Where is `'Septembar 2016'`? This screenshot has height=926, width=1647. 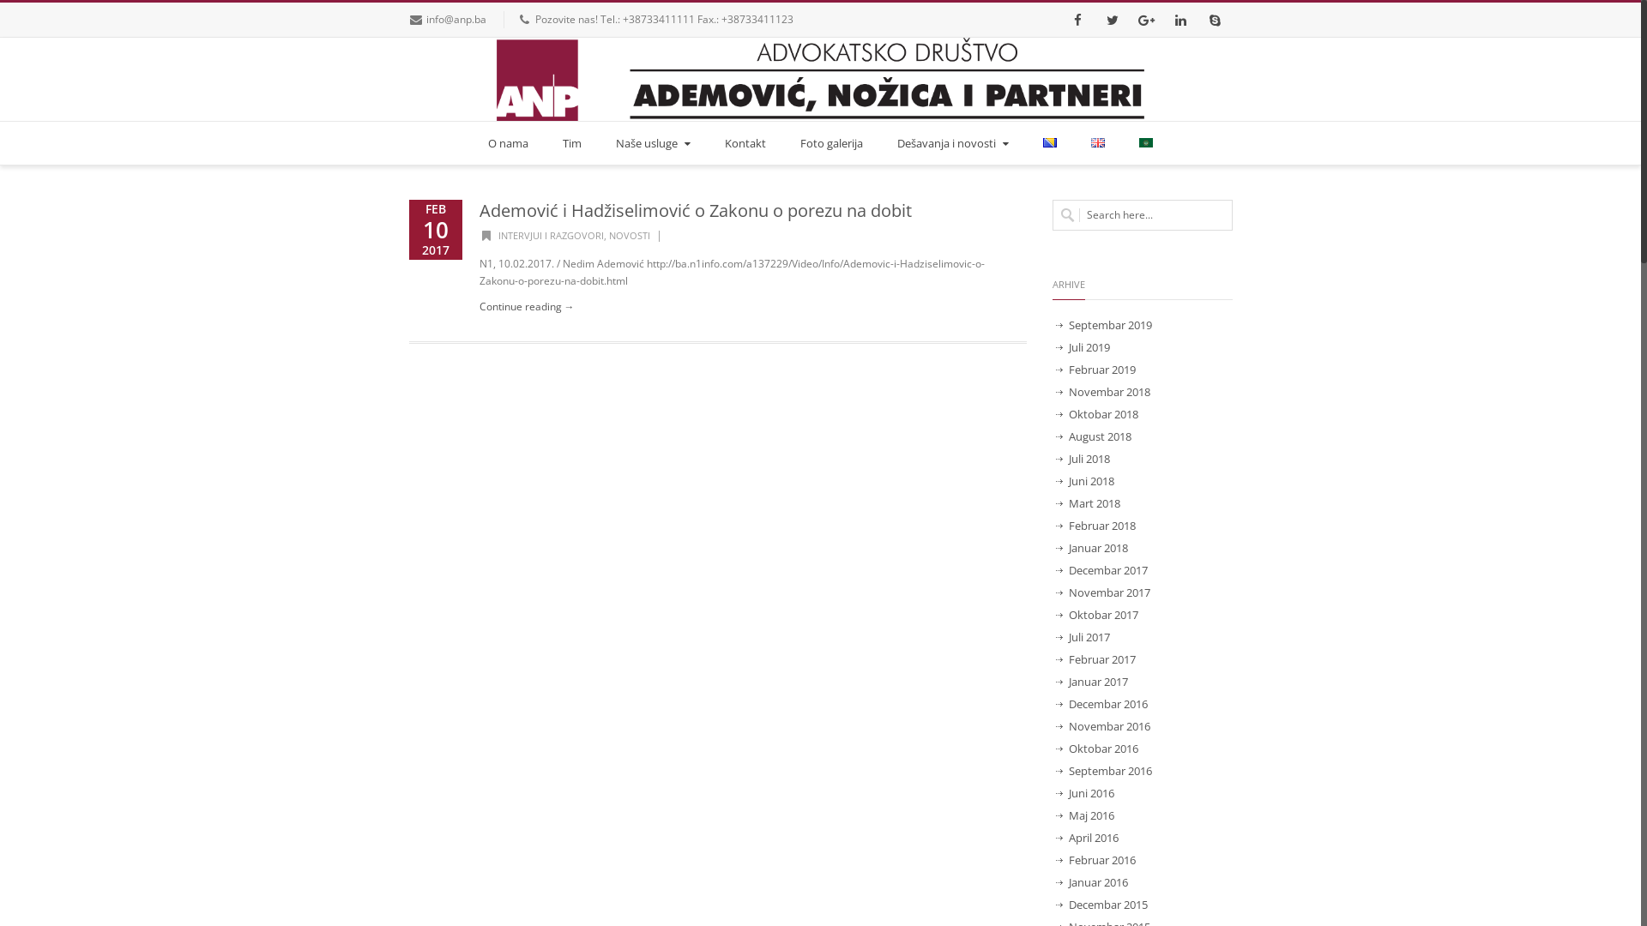
'Septembar 2016' is located at coordinates (1104, 769).